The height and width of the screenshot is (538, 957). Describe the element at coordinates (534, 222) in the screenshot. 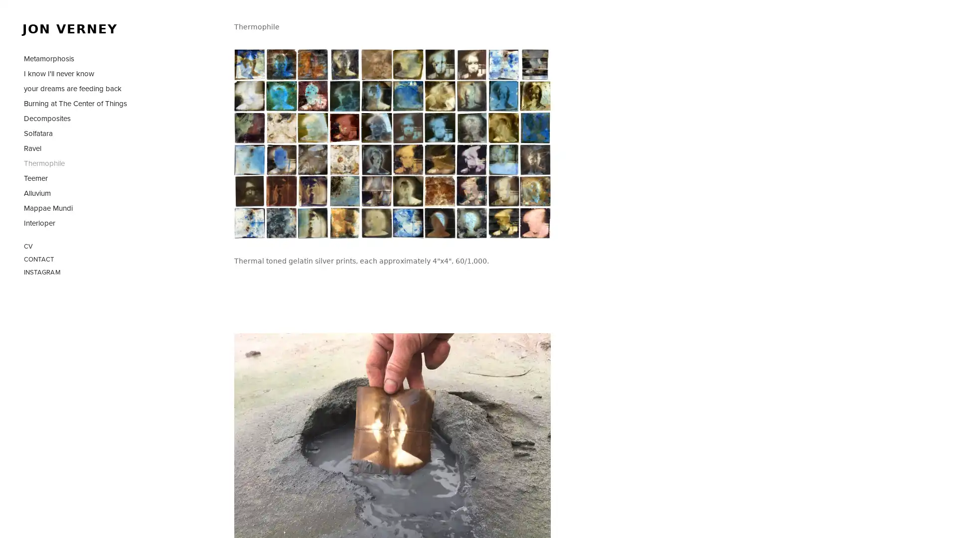

I see `View fullsize jon_verney_thermophile64.jpg` at that location.